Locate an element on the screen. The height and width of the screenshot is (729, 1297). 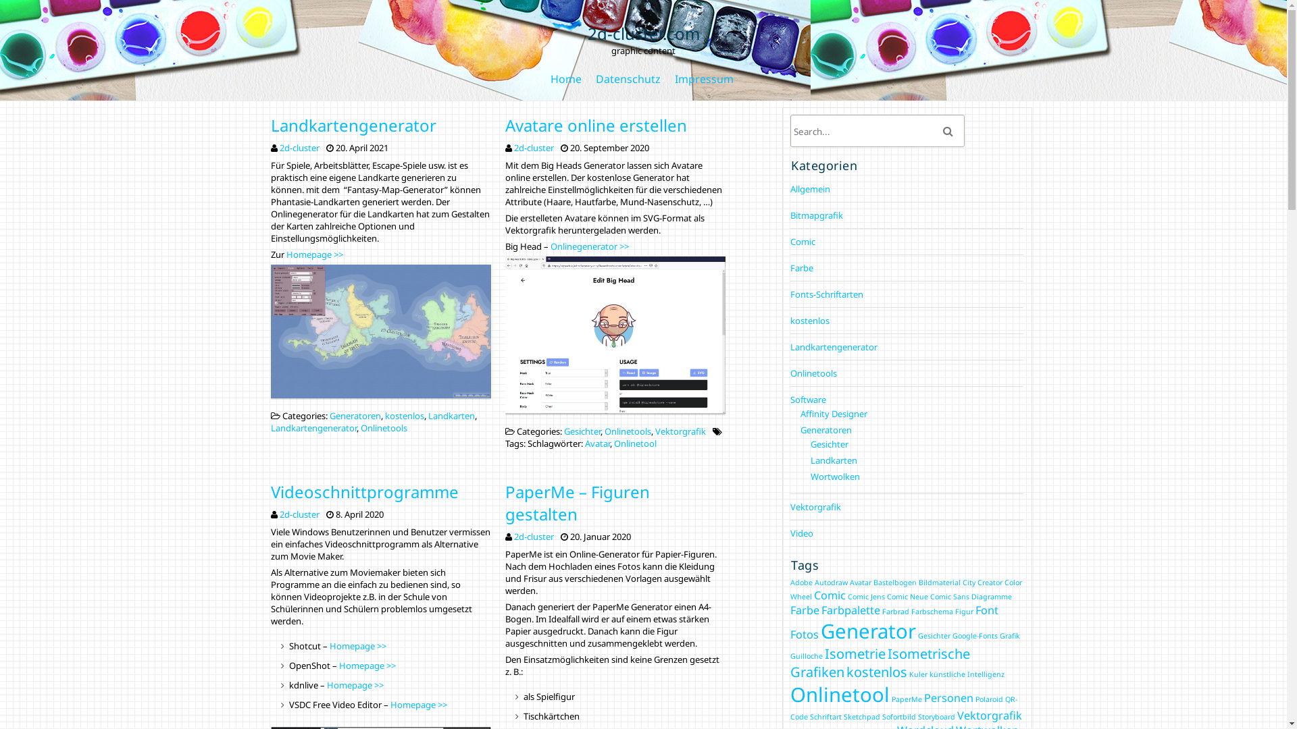
'Wortwolken' is located at coordinates (811, 475).